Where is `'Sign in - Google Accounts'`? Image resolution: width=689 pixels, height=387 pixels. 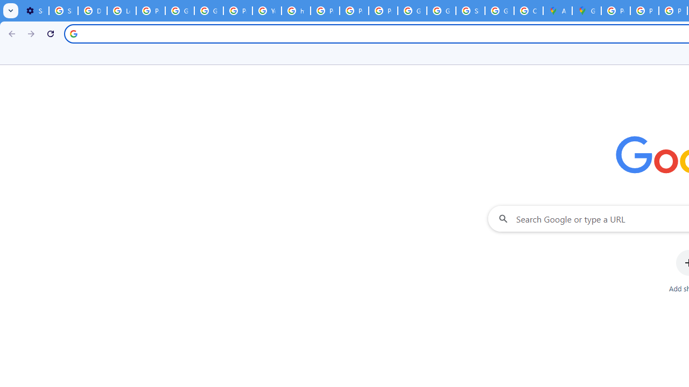 'Sign in - Google Accounts' is located at coordinates (62, 11).